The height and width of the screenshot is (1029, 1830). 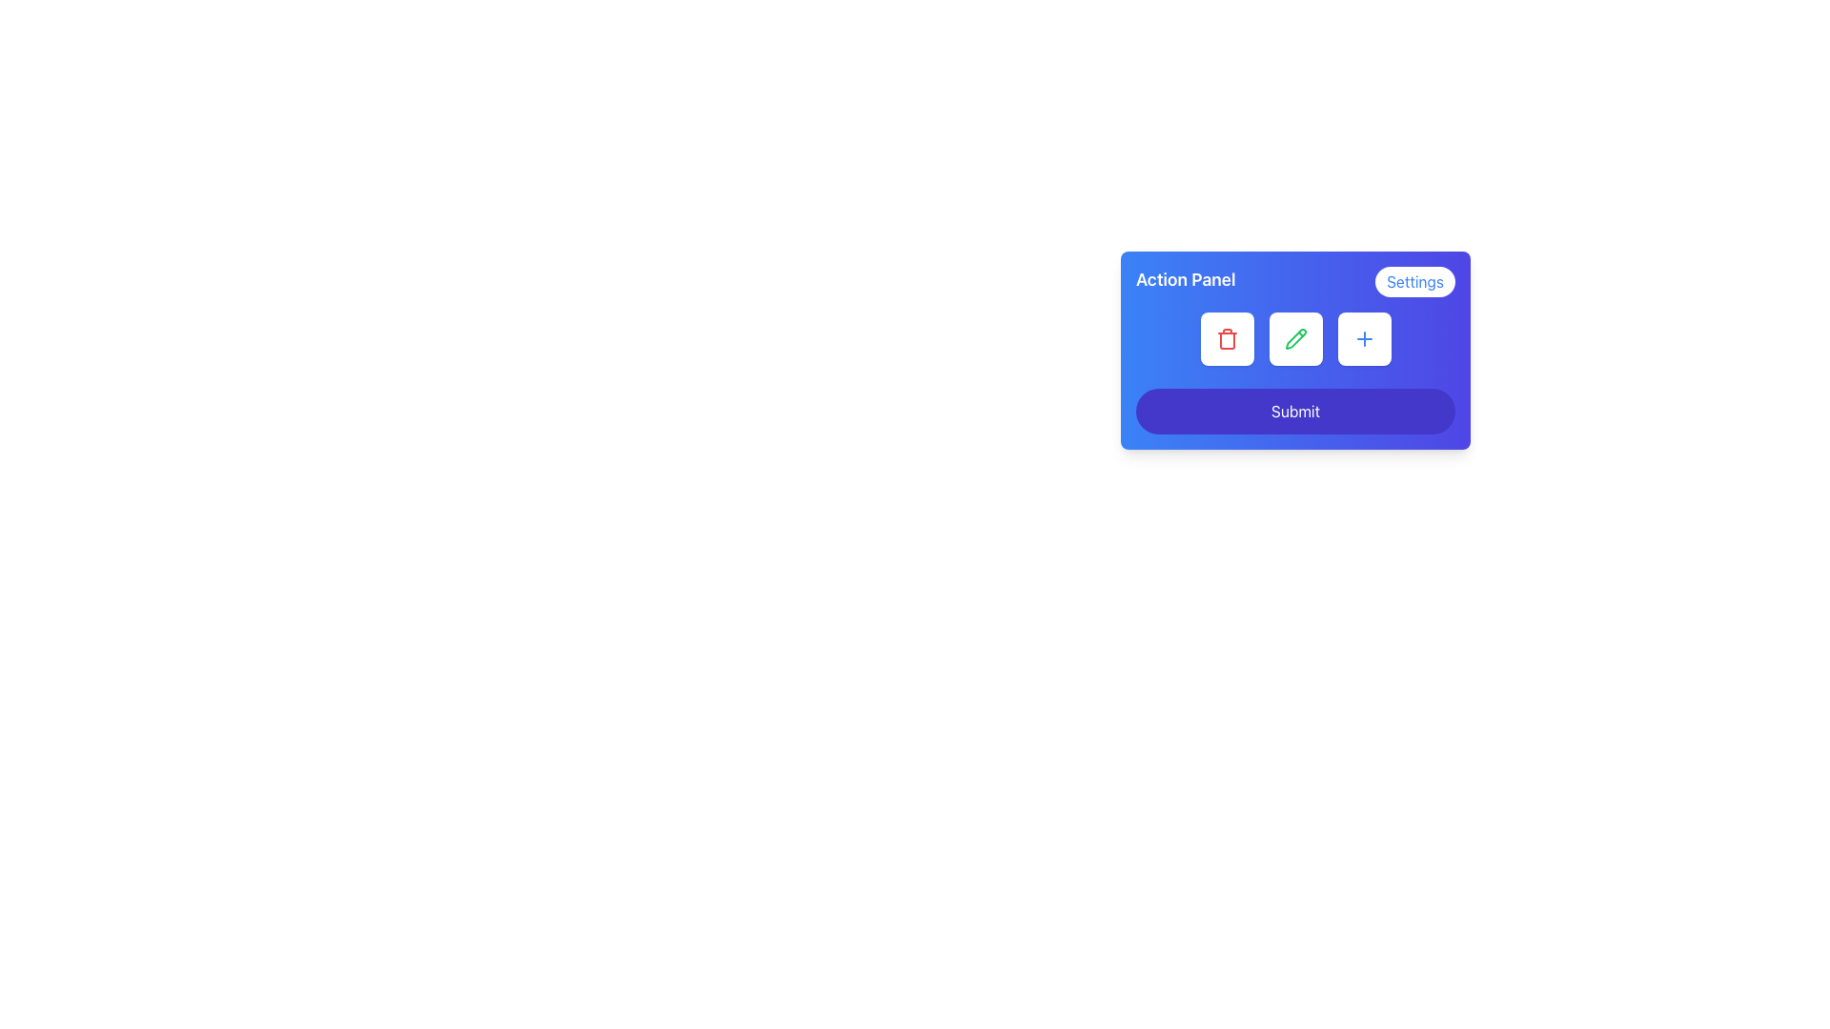 What do you see at coordinates (1227, 337) in the screenshot?
I see `the delete button located in the first column of the 'Action Panel'` at bounding box center [1227, 337].